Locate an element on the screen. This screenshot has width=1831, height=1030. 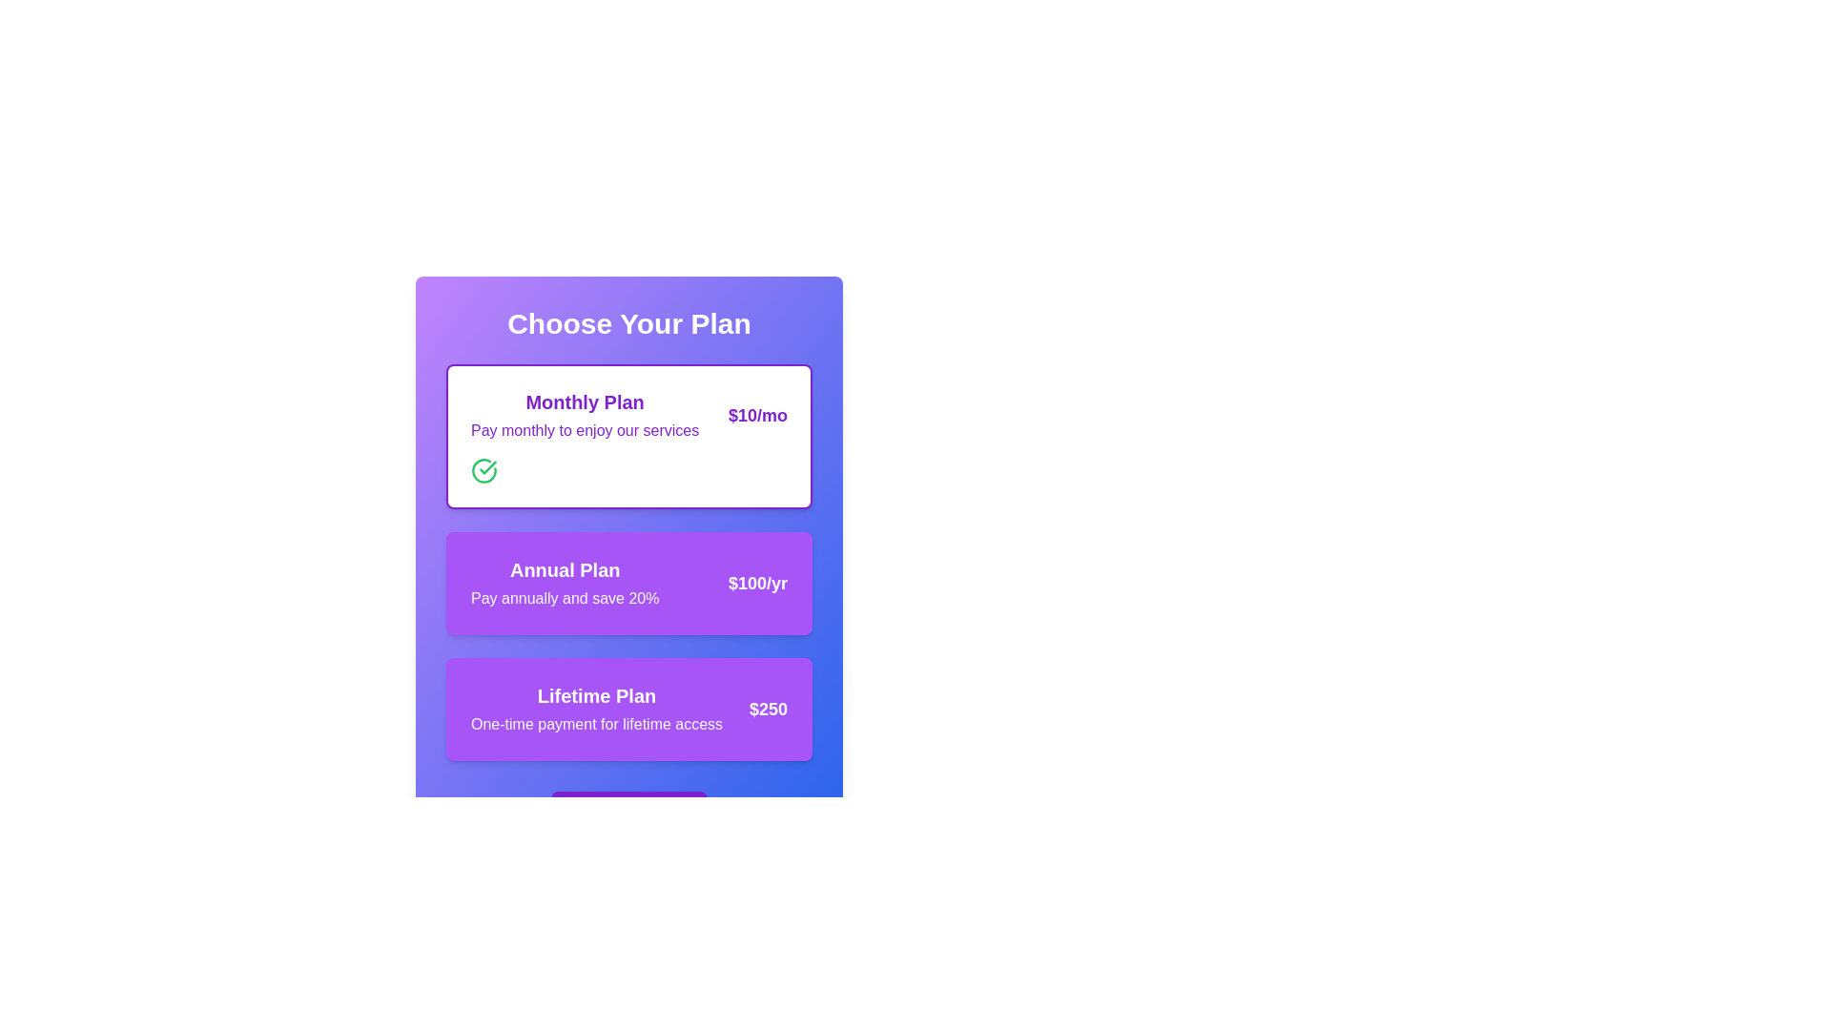
the 'Annual Plan' text label, which serves as the title for the Annual Plan section, located near the middle of the layout is located at coordinates (564, 568).